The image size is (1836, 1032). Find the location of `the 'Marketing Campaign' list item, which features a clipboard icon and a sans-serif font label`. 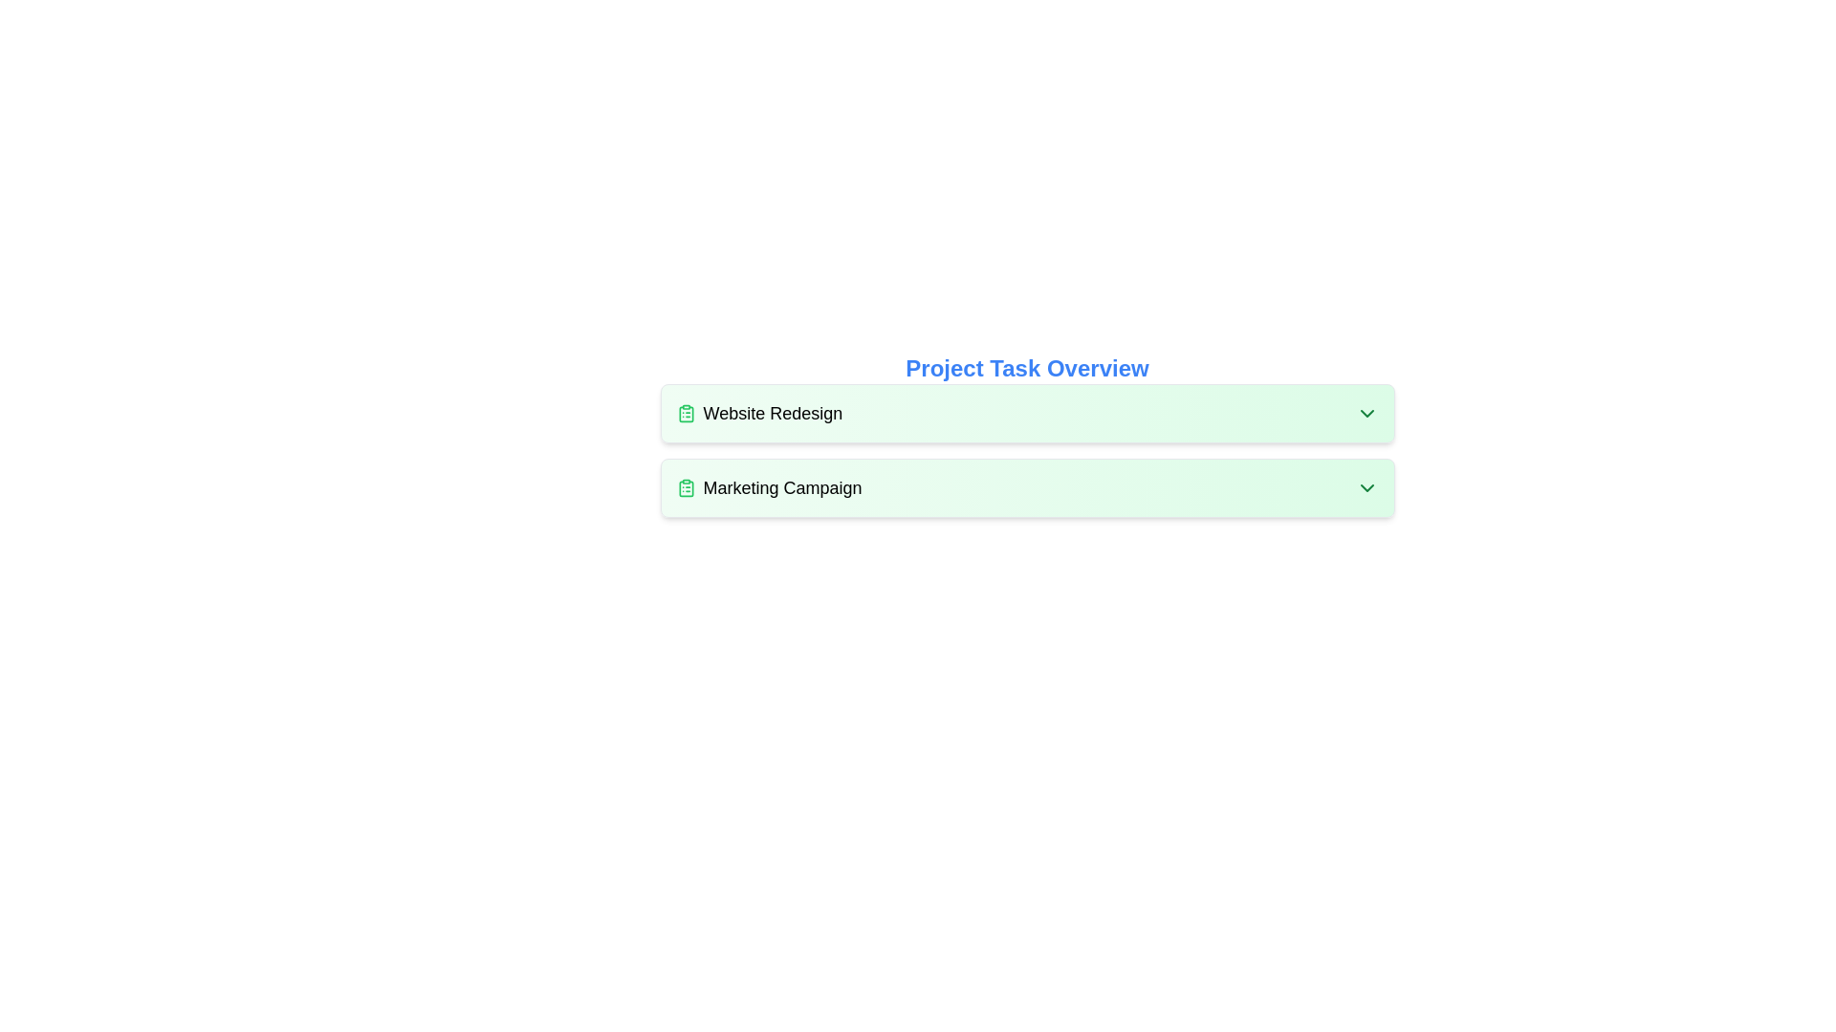

the 'Marketing Campaign' list item, which features a clipboard icon and a sans-serif font label is located at coordinates (769, 486).